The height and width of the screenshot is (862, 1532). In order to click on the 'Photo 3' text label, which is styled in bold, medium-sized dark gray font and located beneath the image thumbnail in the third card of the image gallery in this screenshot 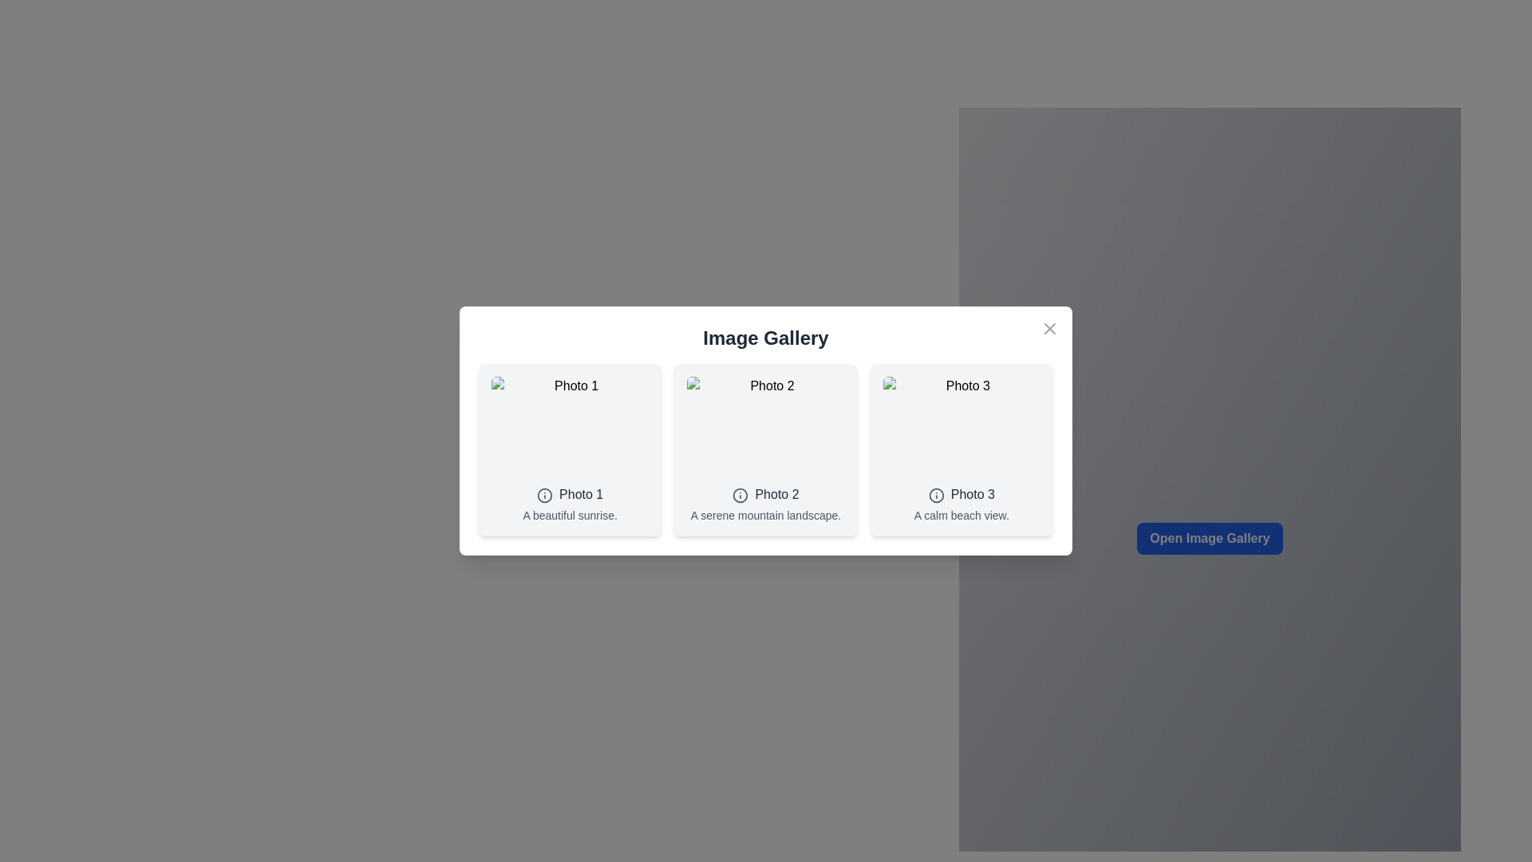, I will do `click(972, 493)`.